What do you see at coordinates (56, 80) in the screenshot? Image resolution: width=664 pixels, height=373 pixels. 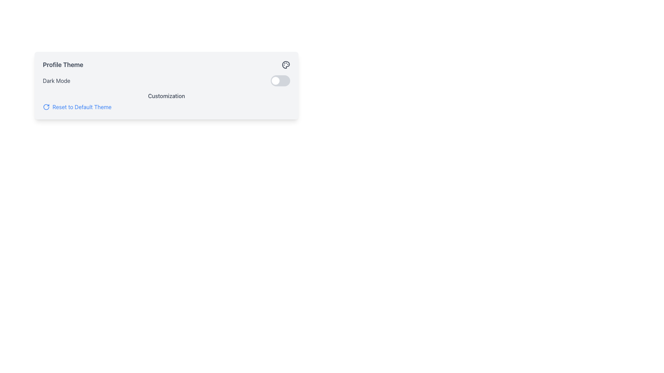 I see `the Text Label that indicates the purpose of the nearby toggle switch for enabling or disabling dark mode functionality` at bounding box center [56, 80].